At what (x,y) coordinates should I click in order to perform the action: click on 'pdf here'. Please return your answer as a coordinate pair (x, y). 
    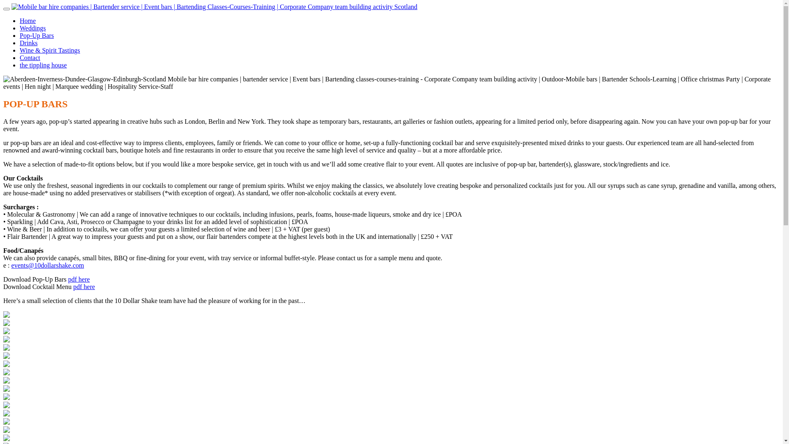
    Looking at the image, I should click on (79, 279).